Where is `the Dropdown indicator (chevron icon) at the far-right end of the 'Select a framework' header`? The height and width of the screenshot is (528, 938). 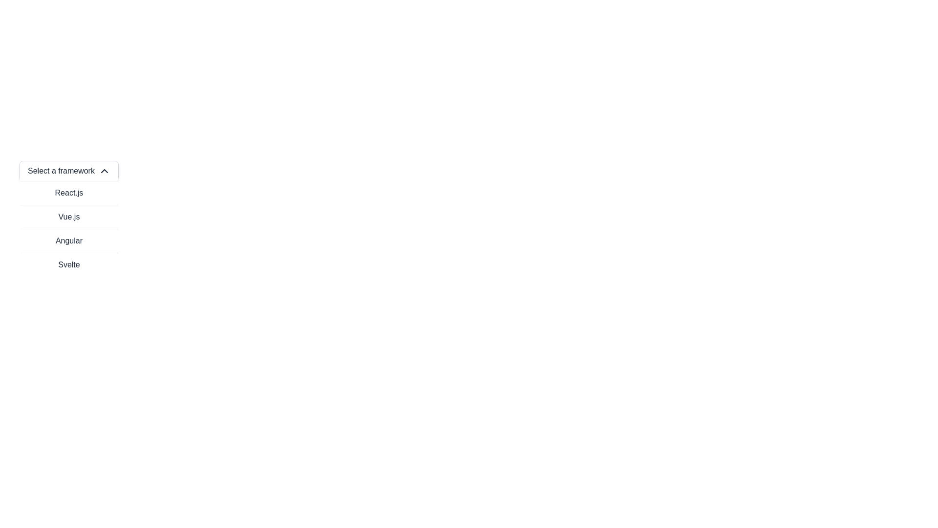 the Dropdown indicator (chevron icon) at the far-right end of the 'Select a framework' header is located at coordinates (104, 171).